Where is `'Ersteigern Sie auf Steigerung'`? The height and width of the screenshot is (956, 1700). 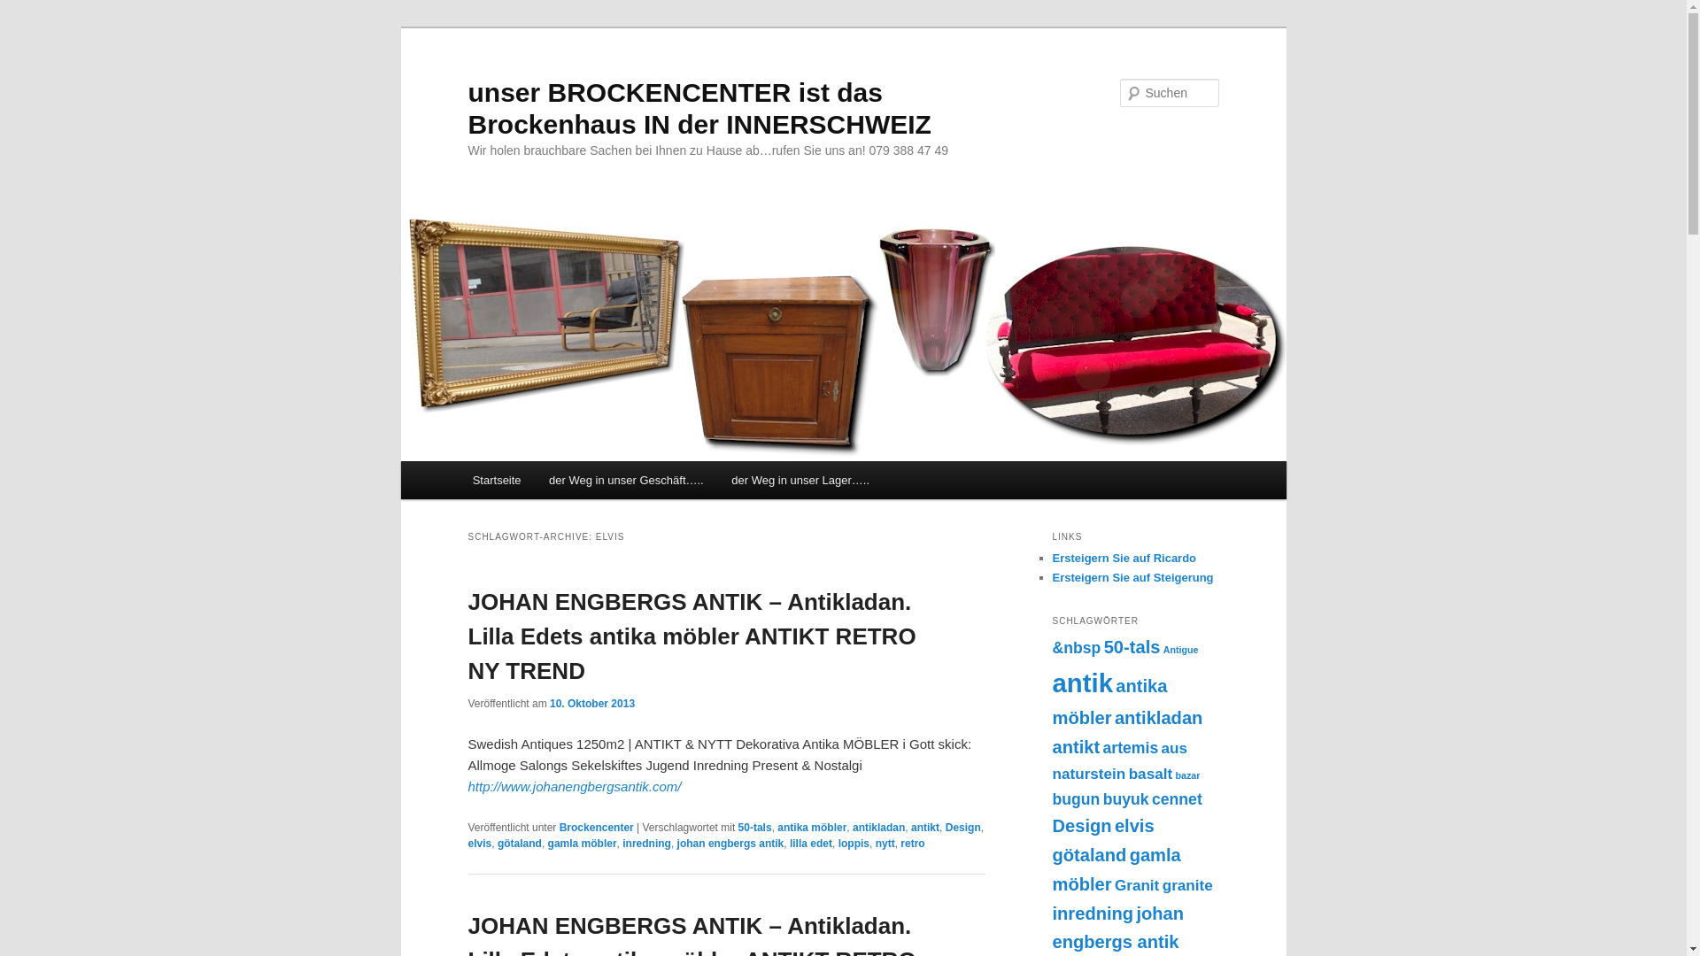
'Ersteigern Sie auf Steigerung' is located at coordinates (1131, 577).